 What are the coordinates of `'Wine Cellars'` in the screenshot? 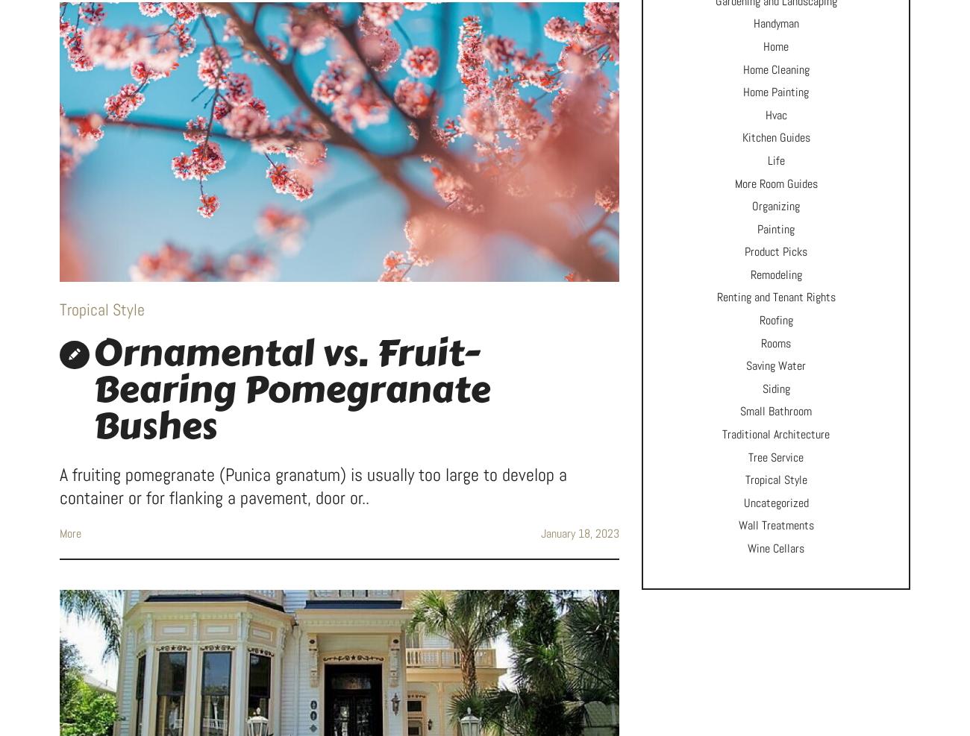 It's located at (747, 547).